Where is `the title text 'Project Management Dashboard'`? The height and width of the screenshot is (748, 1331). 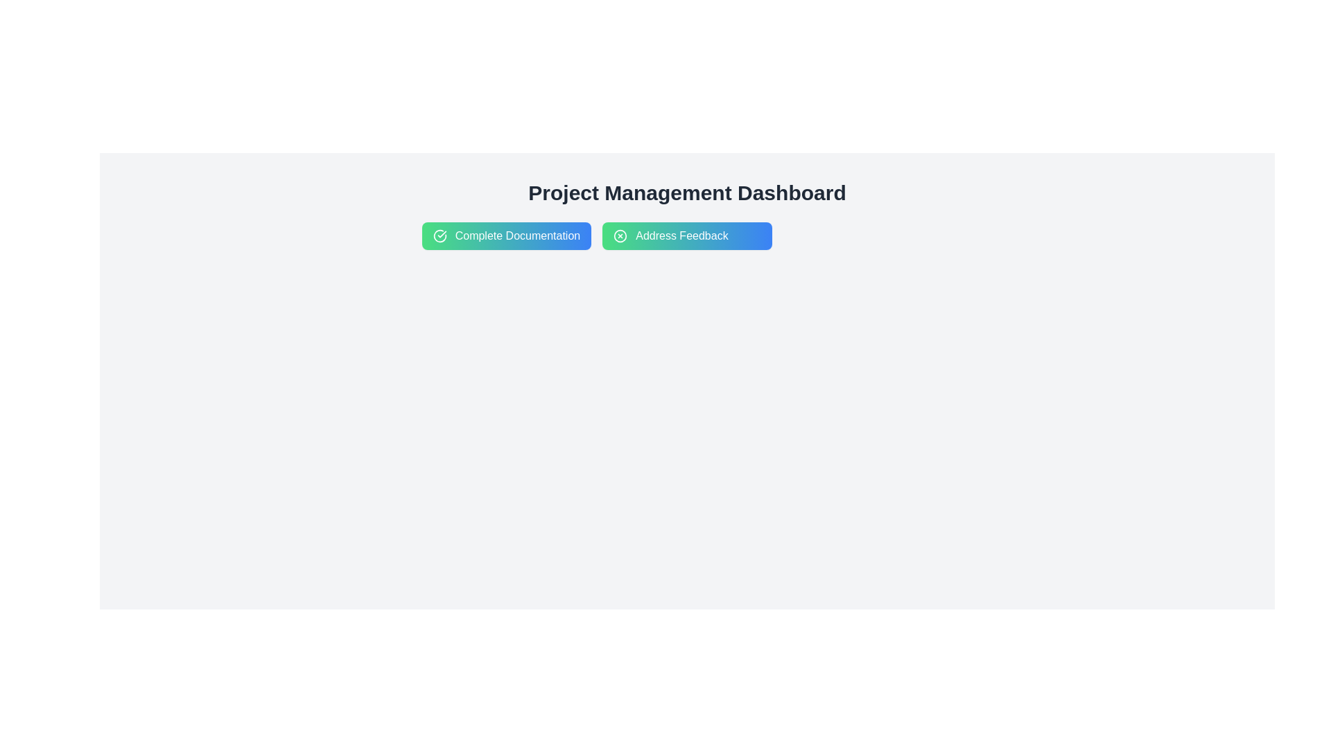 the title text 'Project Management Dashboard' is located at coordinates (687, 193).